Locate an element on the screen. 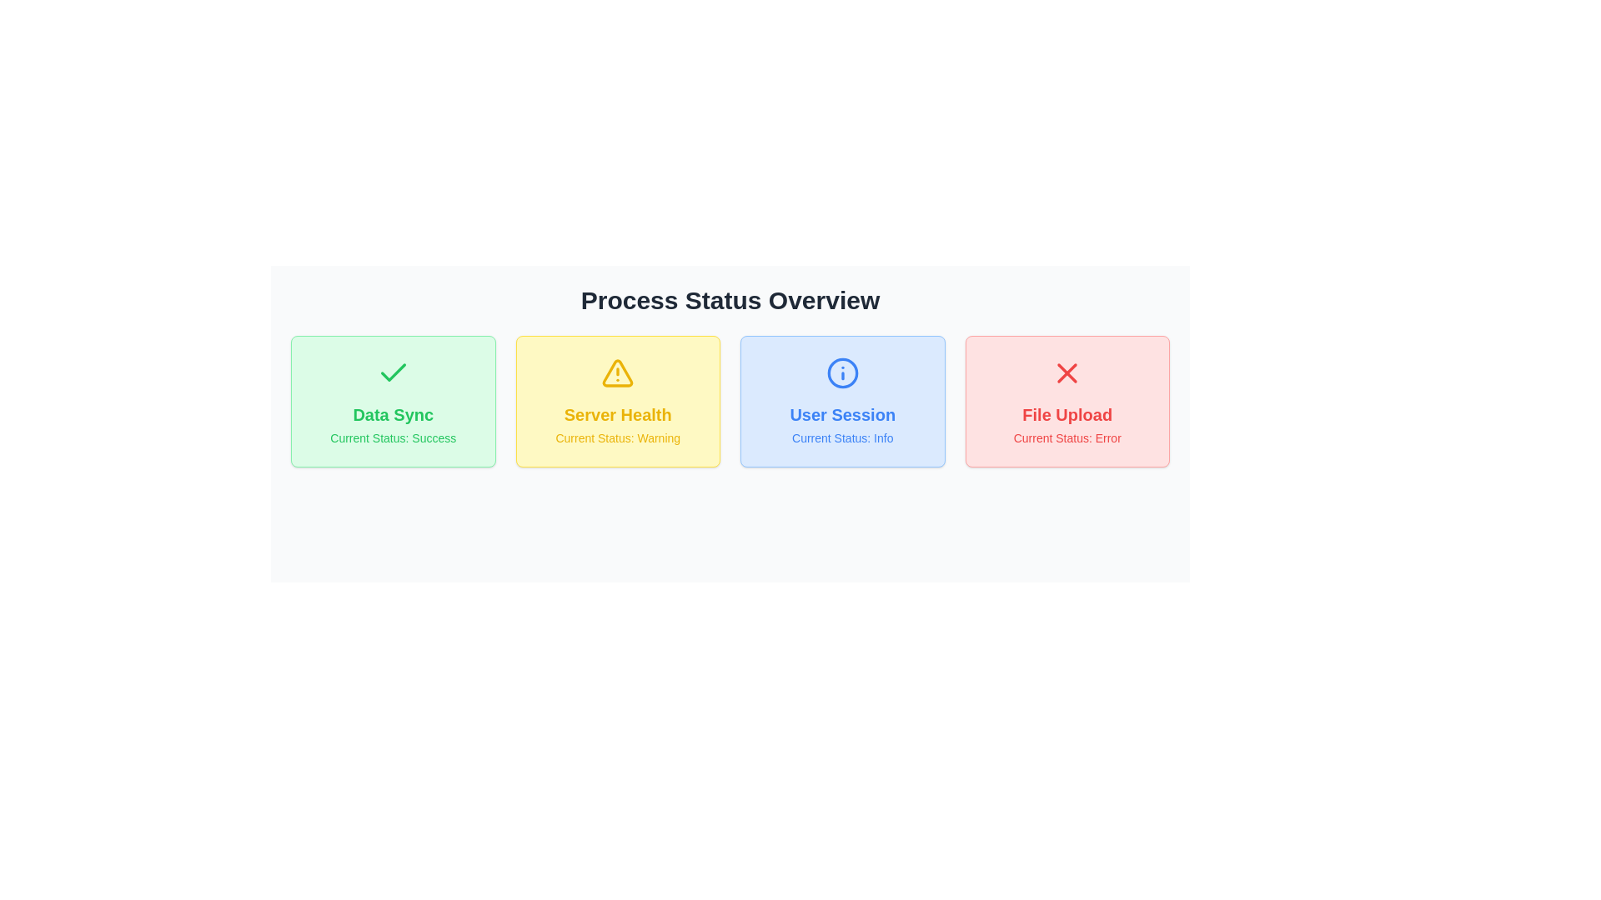 The width and height of the screenshot is (1601, 900). the circular 'info' icon with a blue outline and a small blue 'i' character inside, located at the top of the 'User Session' panel is located at coordinates (842, 372).